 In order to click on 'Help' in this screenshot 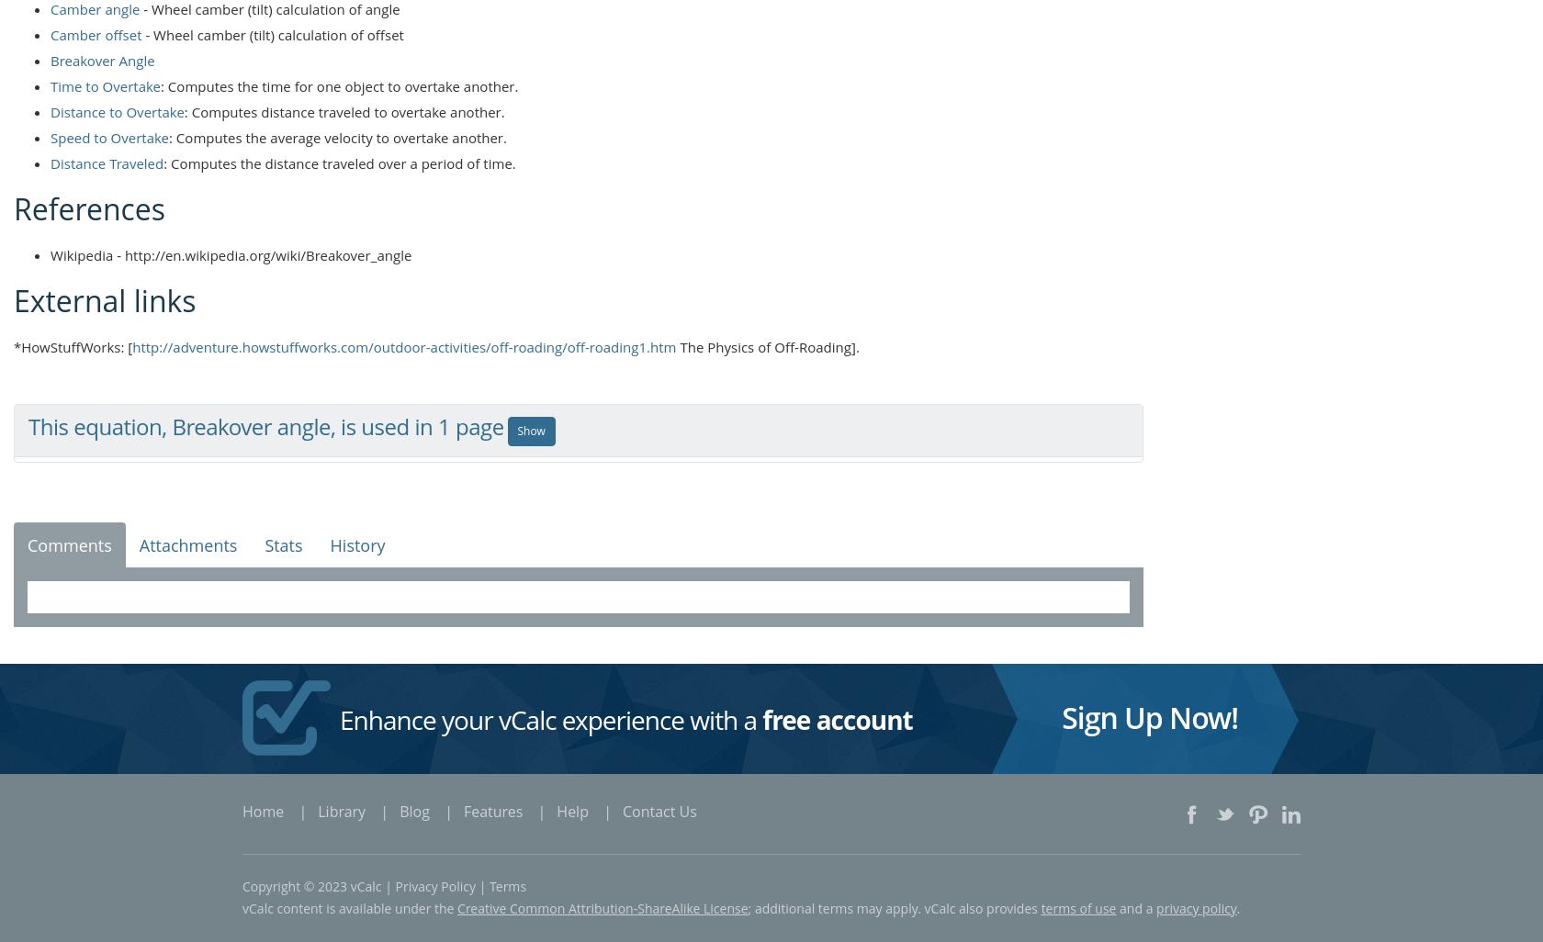, I will do `click(556, 809)`.